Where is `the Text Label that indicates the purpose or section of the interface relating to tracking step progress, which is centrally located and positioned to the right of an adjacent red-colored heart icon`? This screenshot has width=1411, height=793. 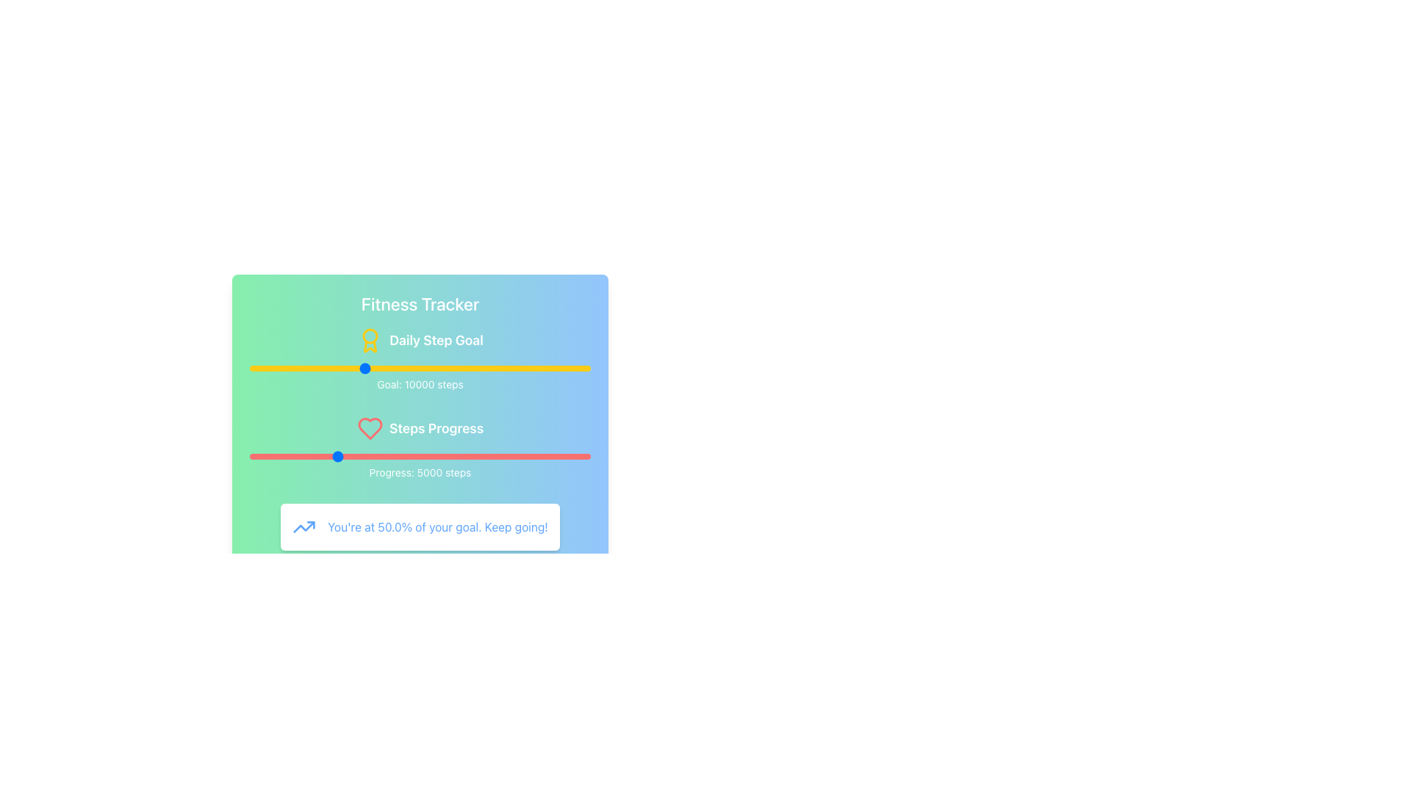
the Text Label that indicates the purpose or section of the interface relating to tracking step progress, which is centrally located and positioned to the right of an adjacent red-colored heart icon is located at coordinates (436, 428).